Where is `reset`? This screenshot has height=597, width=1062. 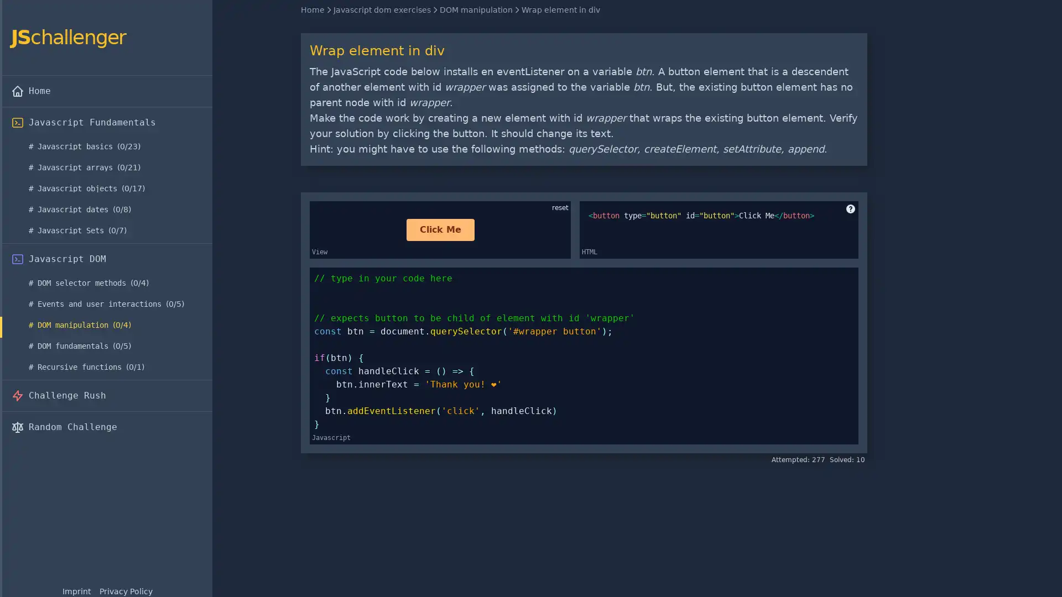 reset is located at coordinates (560, 207).